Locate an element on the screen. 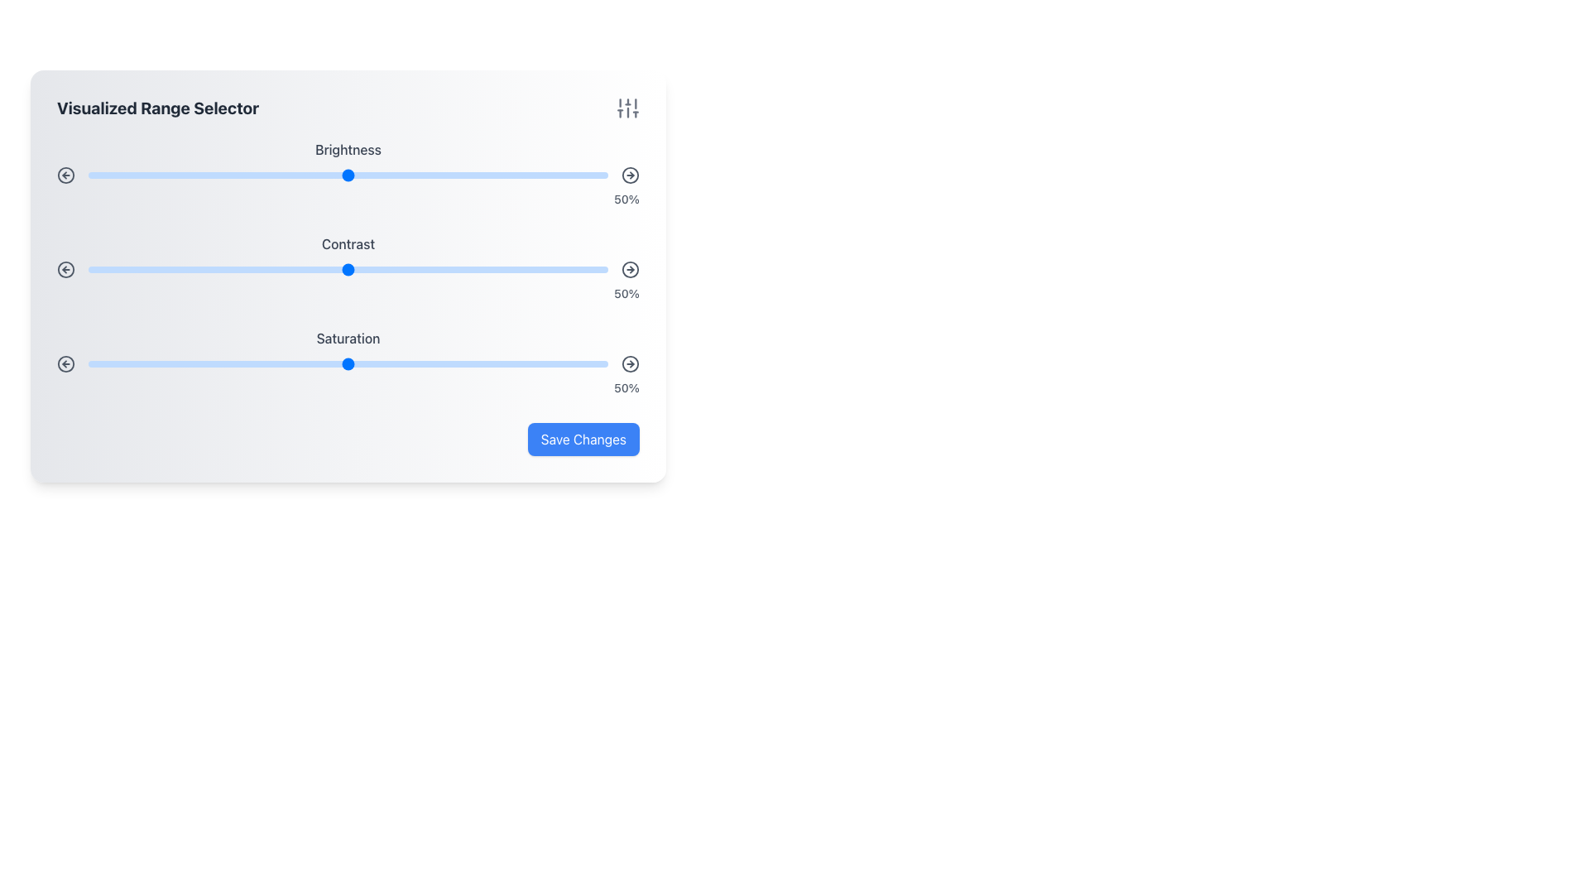  static text label 'Visualized Range Selector' located at the top-left corner of the interface is located at coordinates (158, 108).